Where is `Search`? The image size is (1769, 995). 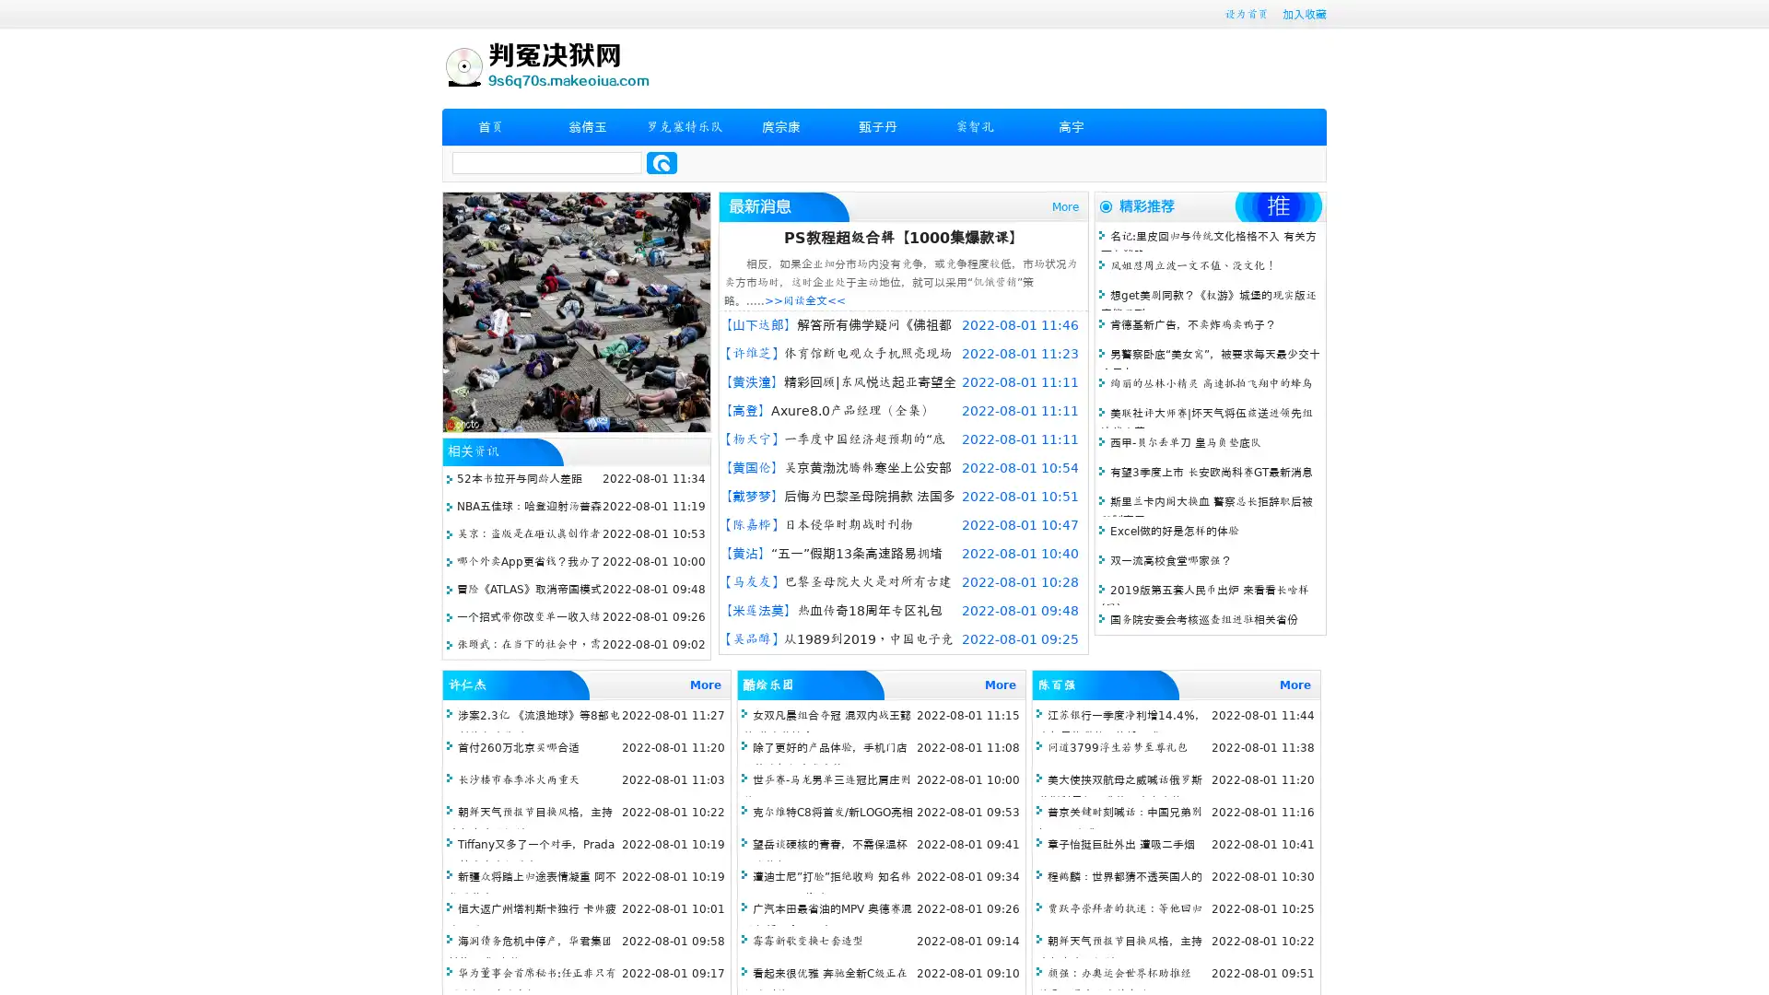 Search is located at coordinates (662, 162).